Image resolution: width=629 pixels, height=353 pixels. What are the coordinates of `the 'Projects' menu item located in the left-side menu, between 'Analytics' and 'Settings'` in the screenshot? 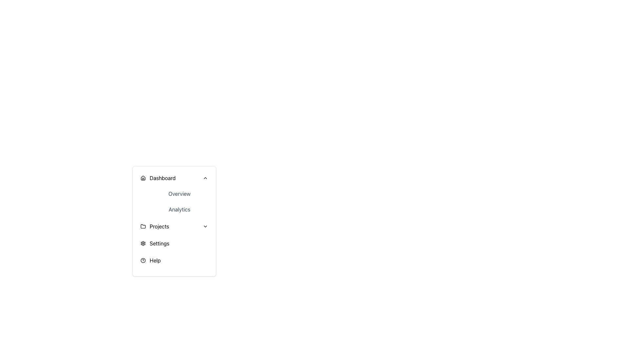 It's located at (154, 226).